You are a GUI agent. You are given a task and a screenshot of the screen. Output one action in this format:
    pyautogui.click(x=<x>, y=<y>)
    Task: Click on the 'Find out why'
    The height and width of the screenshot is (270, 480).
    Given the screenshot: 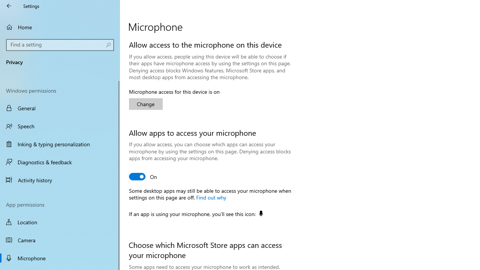 What is the action you would take?
    pyautogui.click(x=210, y=196)
    